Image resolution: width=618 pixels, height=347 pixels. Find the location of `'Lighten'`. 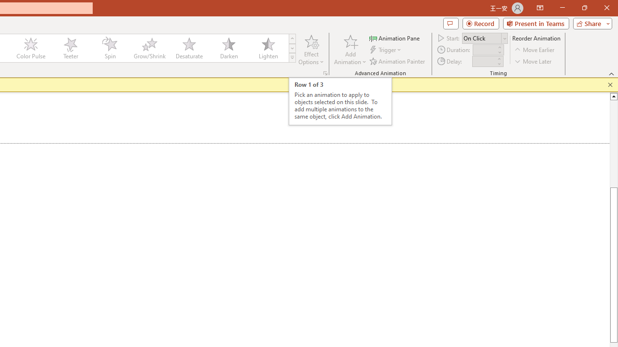

'Lighten' is located at coordinates (268, 48).